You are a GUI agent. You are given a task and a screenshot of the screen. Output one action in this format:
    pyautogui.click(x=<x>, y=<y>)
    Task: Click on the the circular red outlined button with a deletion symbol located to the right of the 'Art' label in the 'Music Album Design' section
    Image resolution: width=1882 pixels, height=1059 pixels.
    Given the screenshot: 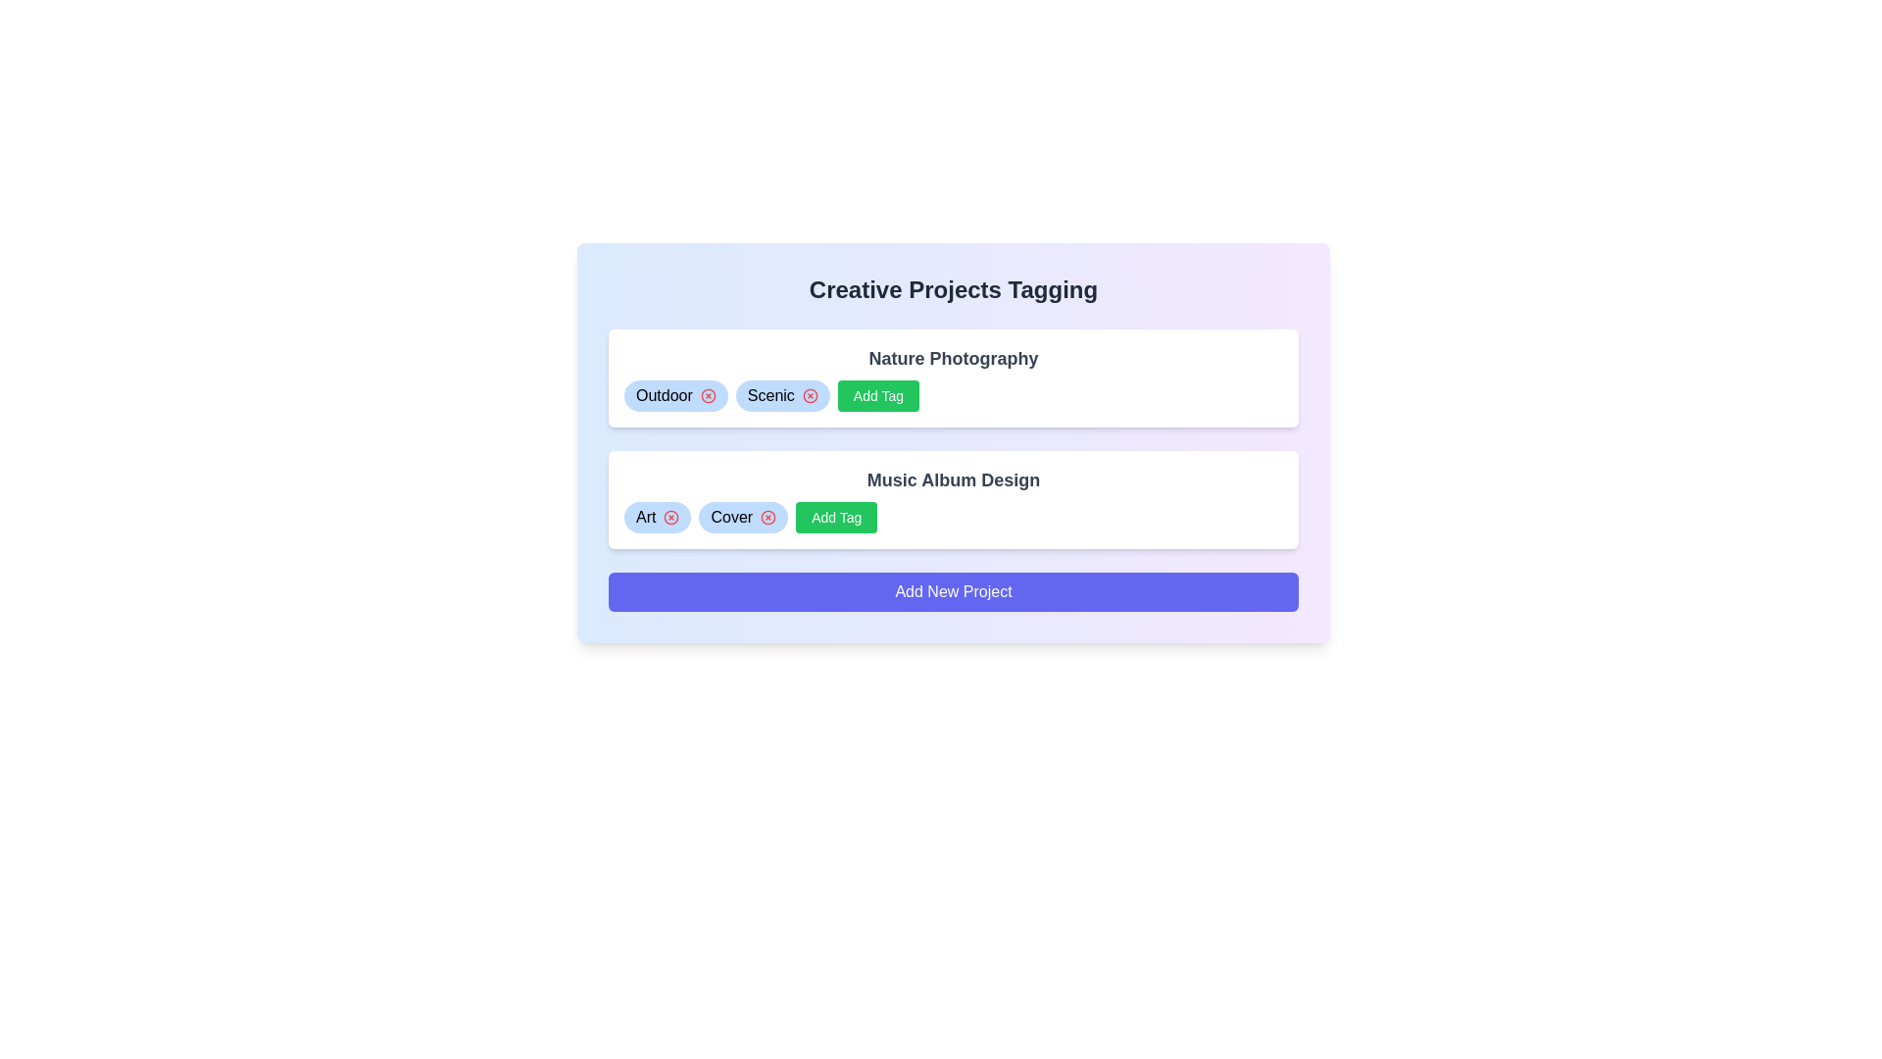 What is the action you would take?
    pyautogui.click(x=768, y=517)
    